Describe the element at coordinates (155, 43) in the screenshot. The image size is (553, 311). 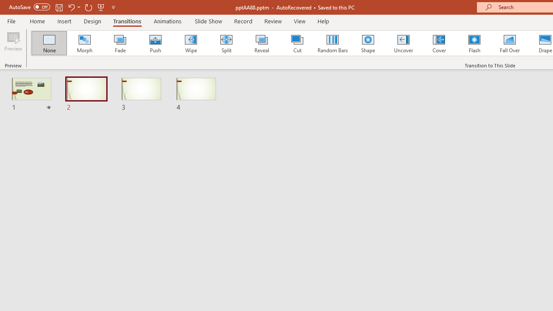
I see `'Push'` at that location.